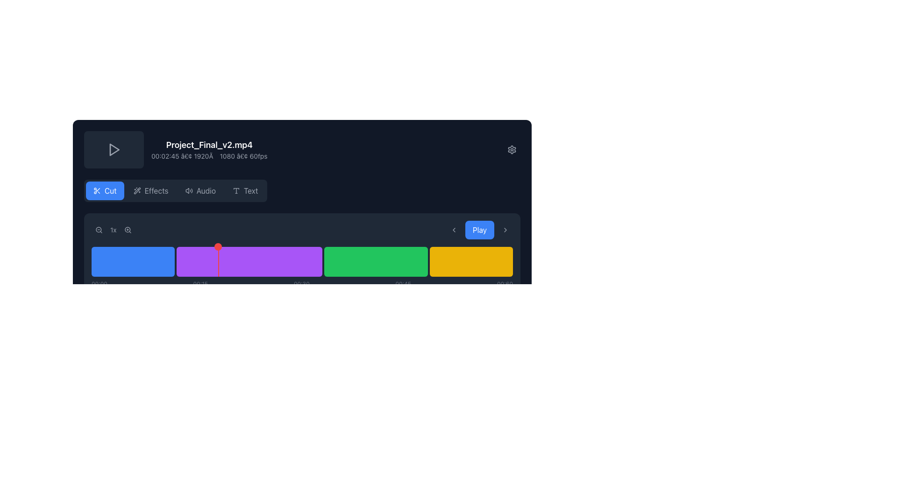 This screenshot has height=504, width=897. I want to click on the navigational button with a chevron icon, located to the left of the 'Play' button, so click(454, 230).